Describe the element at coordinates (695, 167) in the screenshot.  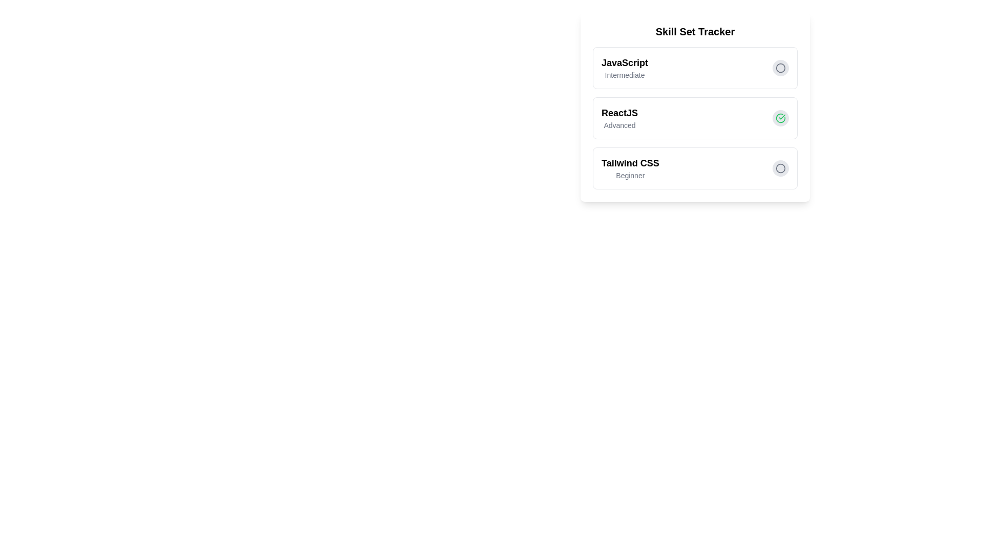
I see `the circular toggle button on the right side of the Interactive List Item labeled 'Tailwind CSS' with the subtitle 'Beginner'` at that location.